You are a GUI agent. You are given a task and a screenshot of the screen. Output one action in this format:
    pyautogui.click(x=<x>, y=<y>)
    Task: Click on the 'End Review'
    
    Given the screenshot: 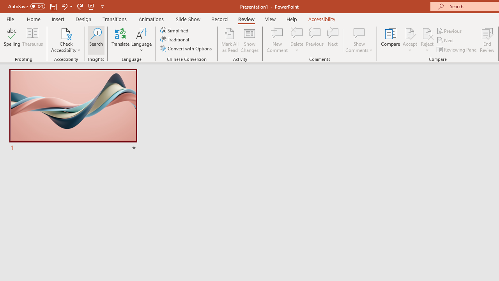 What is the action you would take?
    pyautogui.click(x=487, y=40)
    